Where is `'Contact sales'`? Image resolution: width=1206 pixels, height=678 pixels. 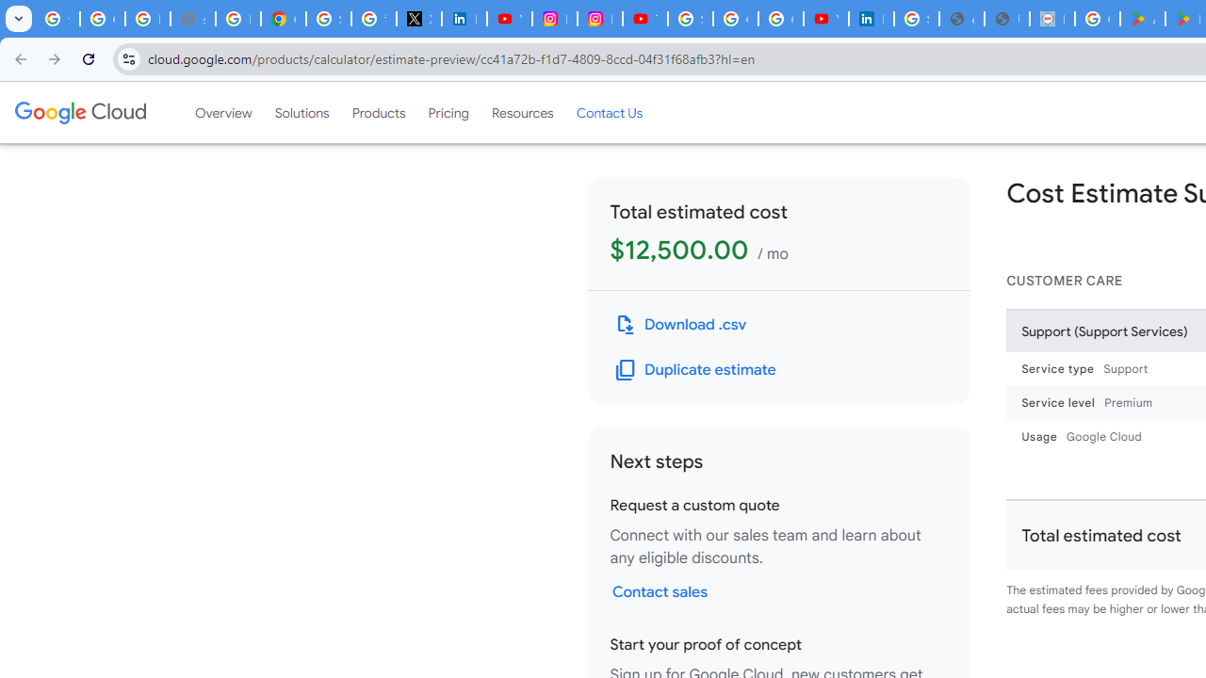
'Contact sales' is located at coordinates (660, 590).